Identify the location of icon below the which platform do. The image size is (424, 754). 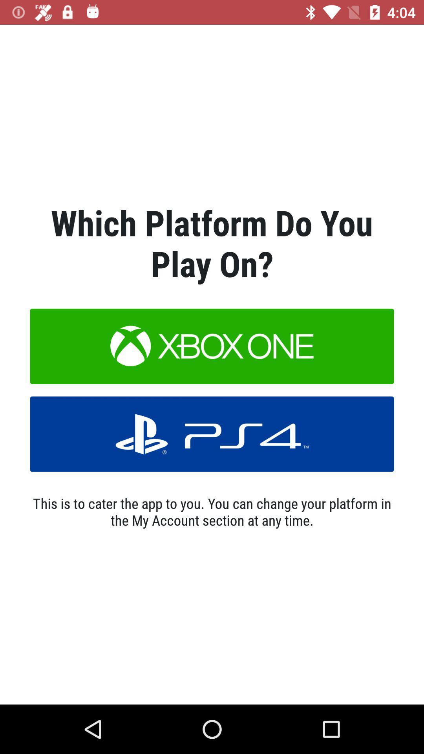
(212, 346).